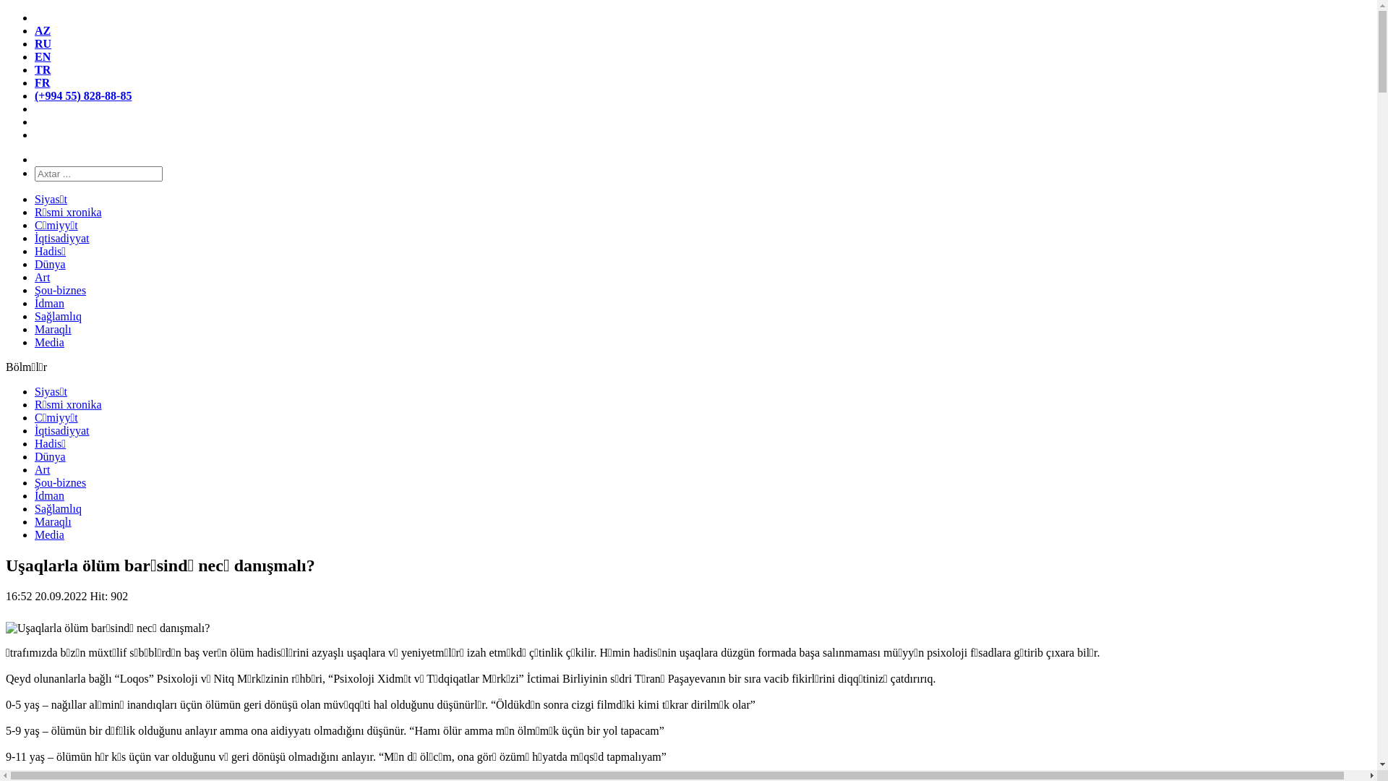  What do you see at coordinates (35, 95) in the screenshot?
I see `'(+994 55) 828-88-85'` at bounding box center [35, 95].